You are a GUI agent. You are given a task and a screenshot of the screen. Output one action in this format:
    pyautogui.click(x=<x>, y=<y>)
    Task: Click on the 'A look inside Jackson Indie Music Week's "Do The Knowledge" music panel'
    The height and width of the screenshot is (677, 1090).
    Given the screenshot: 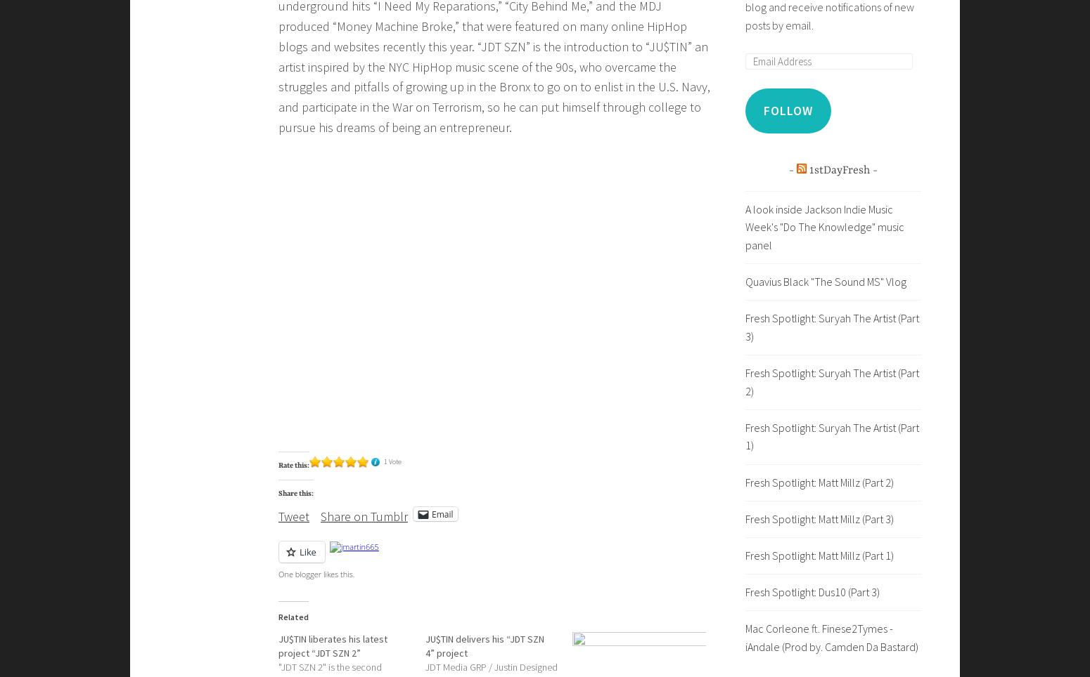 What is the action you would take?
    pyautogui.click(x=825, y=225)
    